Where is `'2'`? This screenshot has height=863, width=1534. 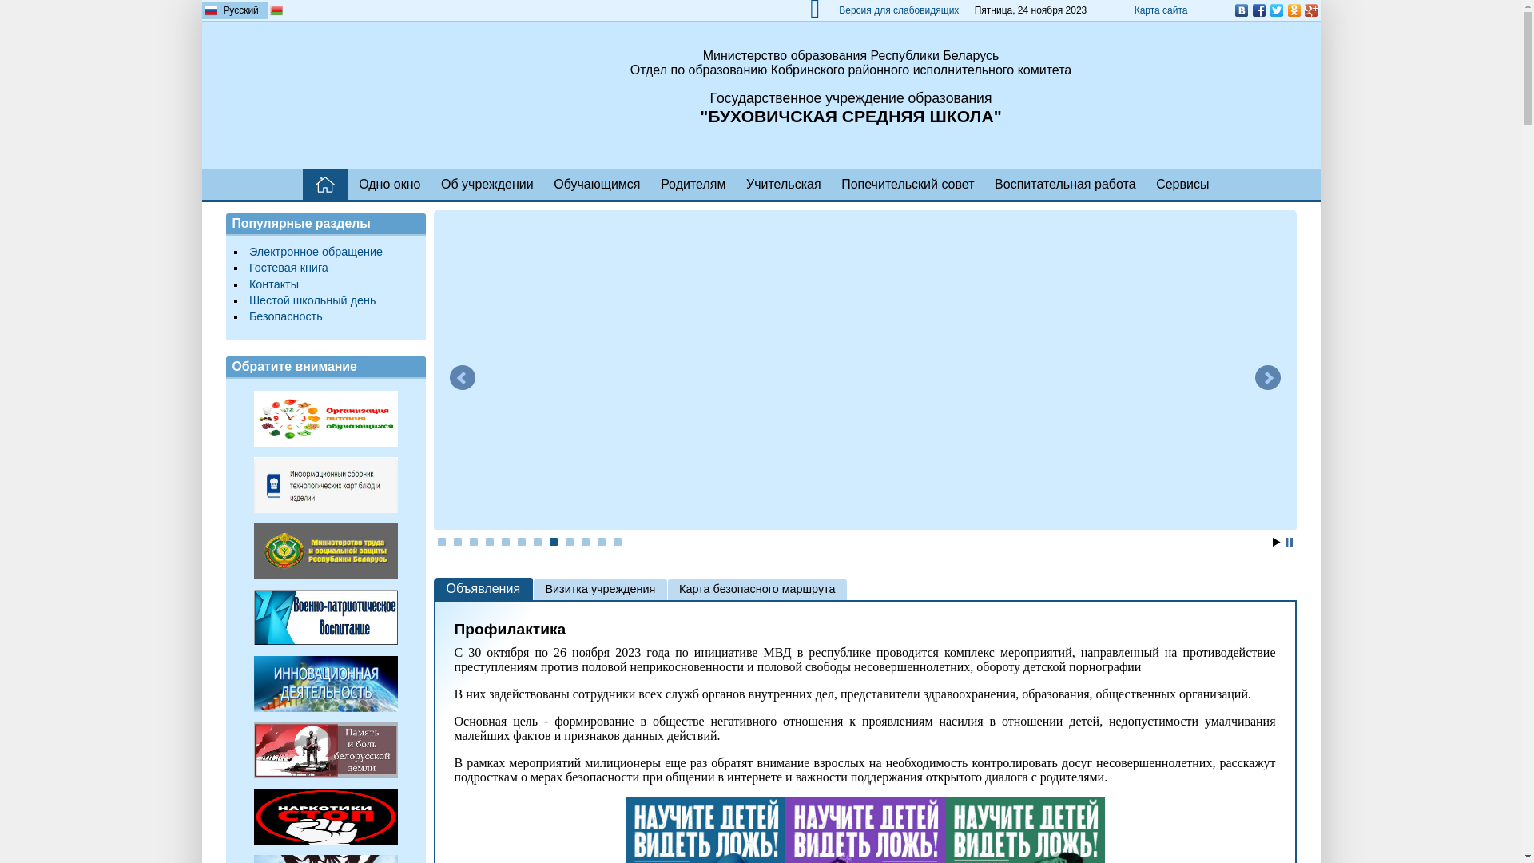 '2' is located at coordinates (452, 541).